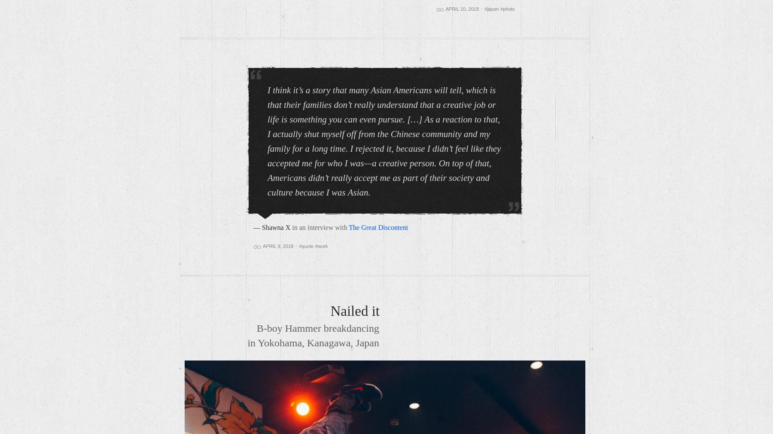 This screenshot has width=773, height=434. I want to click on 'April 9, 2018', so click(278, 245).